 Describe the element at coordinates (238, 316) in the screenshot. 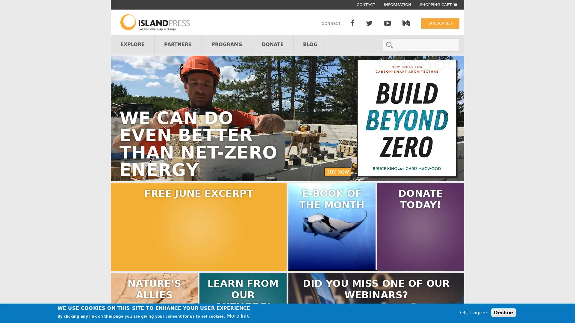

I see `More info` at that location.